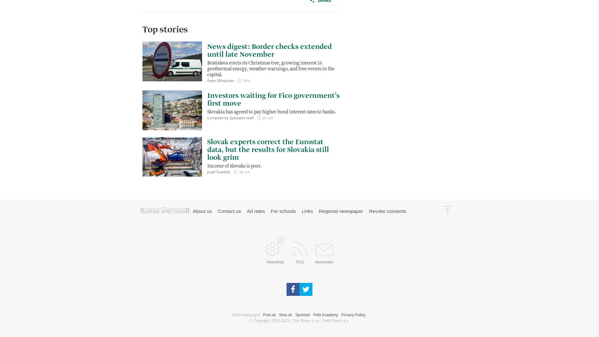 The height and width of the screenshot is (337, 599). Describe the element at coordinates (267, 150) in the screenshot. I see `'Slovak experts correct the Eurostat data, but the results for Slovakia still look grim'` at that location.